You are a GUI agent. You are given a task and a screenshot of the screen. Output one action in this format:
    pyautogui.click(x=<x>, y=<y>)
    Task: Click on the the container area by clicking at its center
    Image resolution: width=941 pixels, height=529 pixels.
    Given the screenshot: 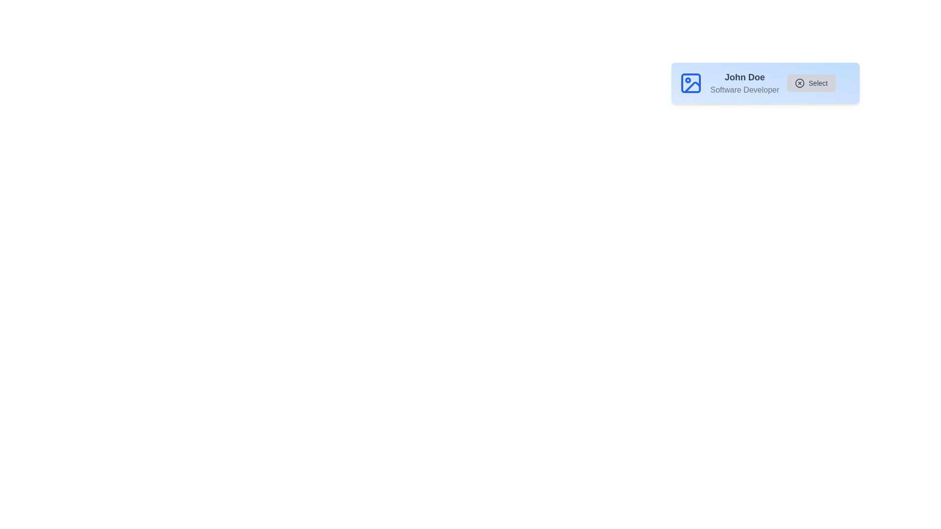 What is the action you would take?
    pyautogui.click(x=765, y=82)
    